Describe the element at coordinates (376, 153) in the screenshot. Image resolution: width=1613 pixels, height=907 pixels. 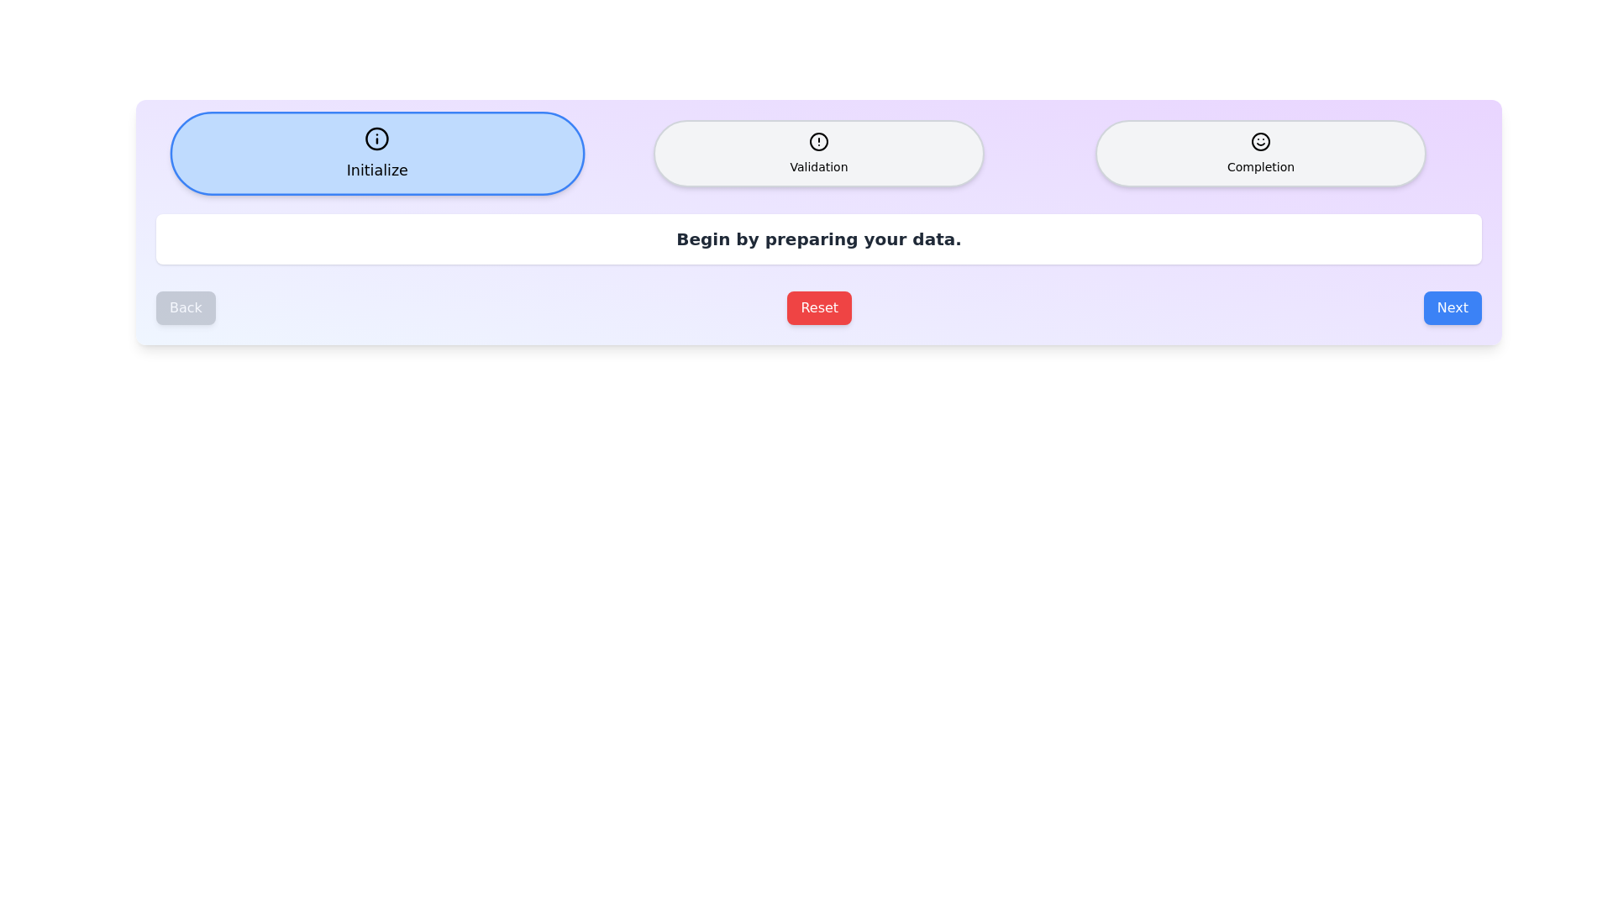
I see `the step icon for Initialize to display its information` at that location.